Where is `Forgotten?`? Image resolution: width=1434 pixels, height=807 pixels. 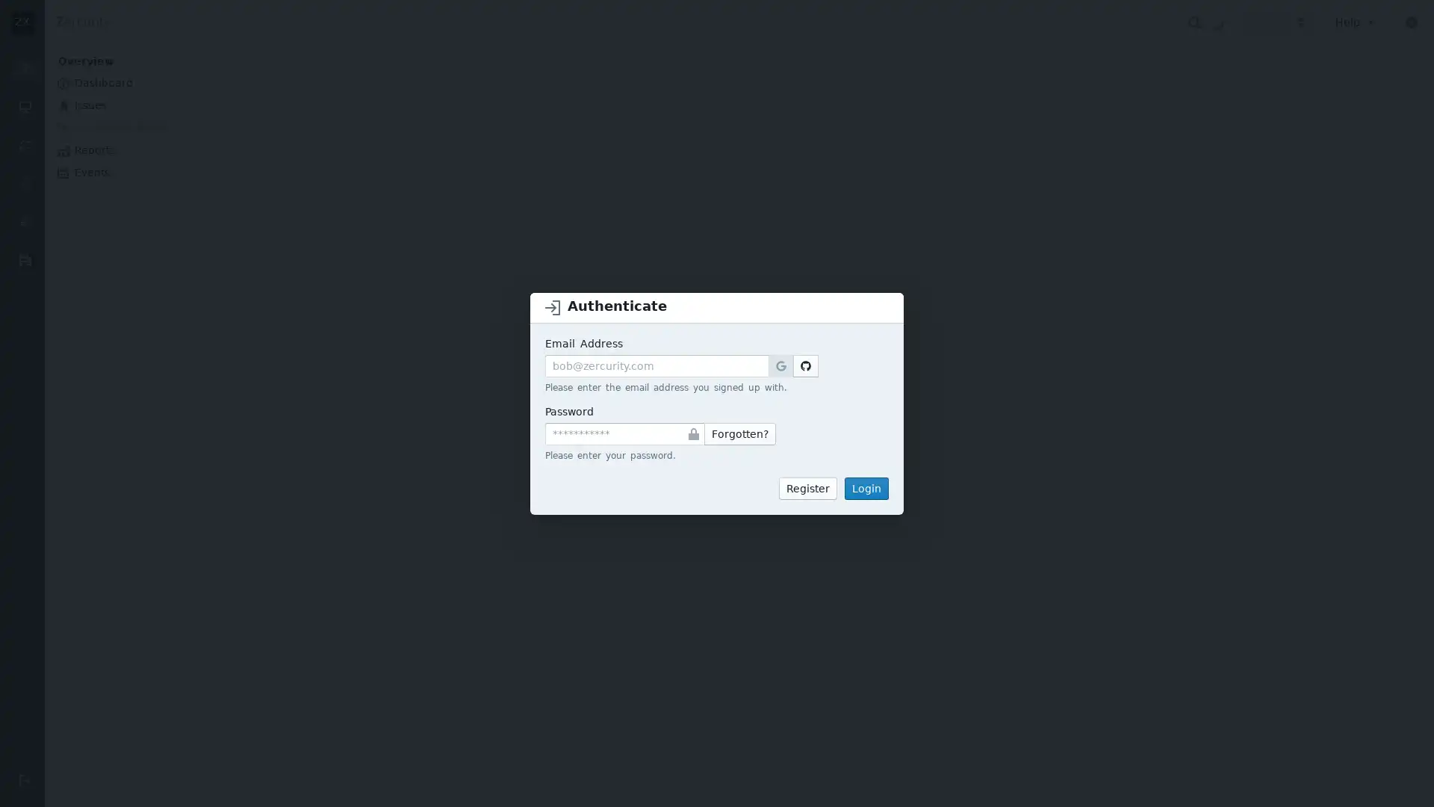
Forgotten? is located at coordinates (739, 433).